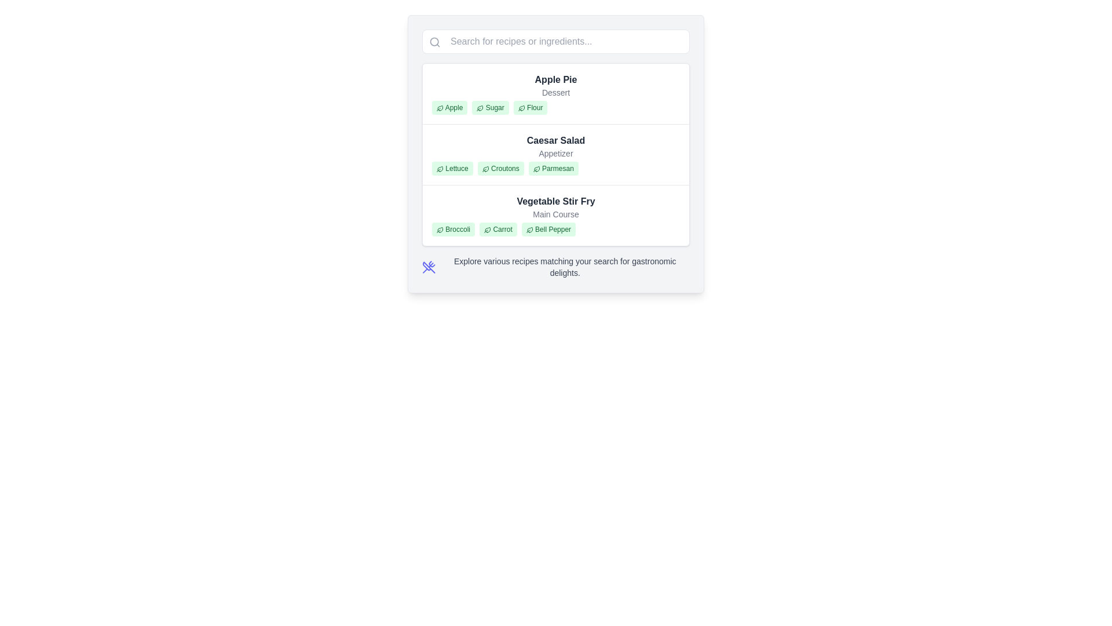  I want to click on the Decorative Icon Component, which is a circular shape representing a magnifying glass for search operations, located near the top-left corner of the interface by the search bar, so click(434, 41).